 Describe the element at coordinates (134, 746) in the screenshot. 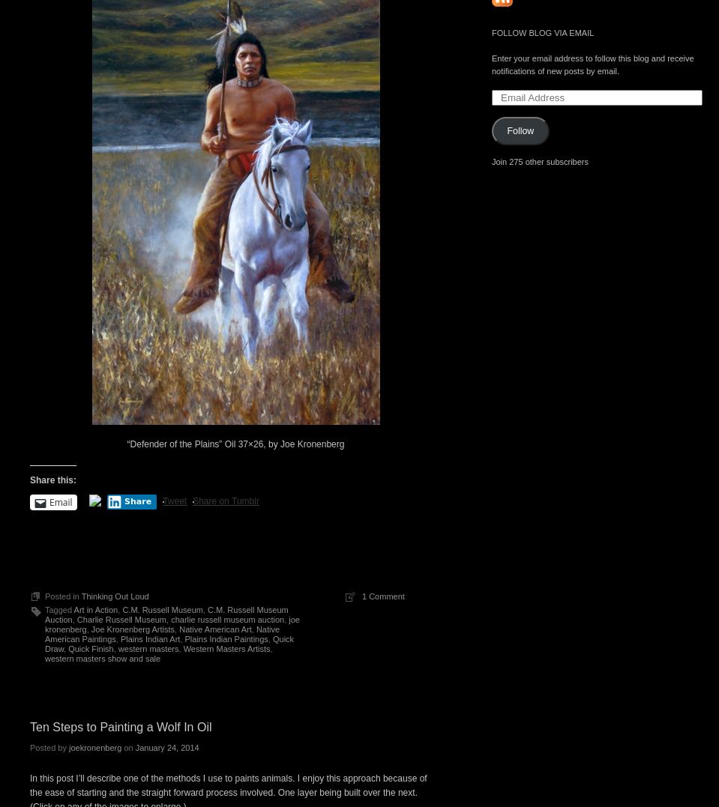

I see `'January 24, 2014'` at that location.